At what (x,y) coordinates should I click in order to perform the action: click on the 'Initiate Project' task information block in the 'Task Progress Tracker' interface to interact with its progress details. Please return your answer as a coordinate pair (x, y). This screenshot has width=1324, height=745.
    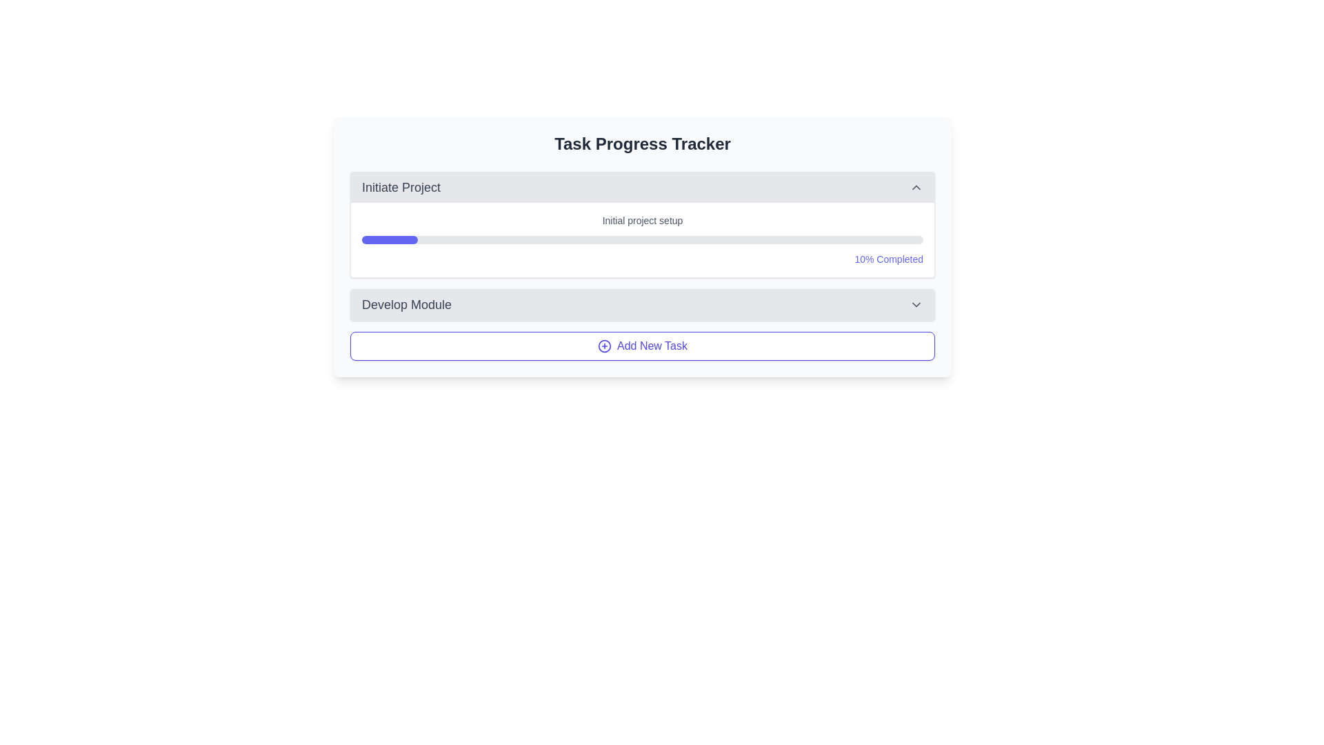
    Looking at the image, I should click on (641, 246).